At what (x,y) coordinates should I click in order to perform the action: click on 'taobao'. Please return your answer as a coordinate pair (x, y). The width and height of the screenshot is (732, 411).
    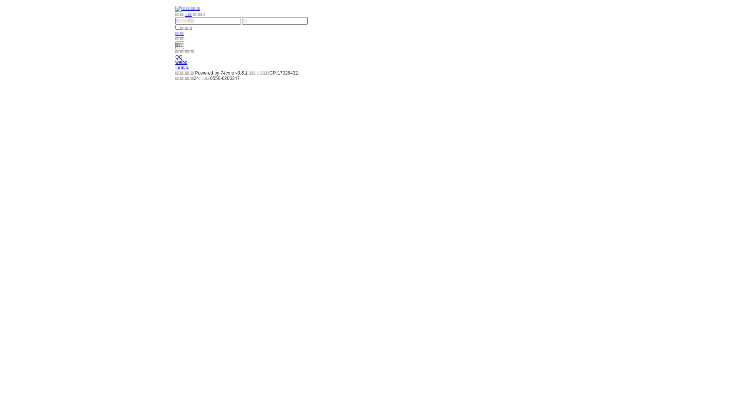
    Looking at the image, I should click on (182, 67).